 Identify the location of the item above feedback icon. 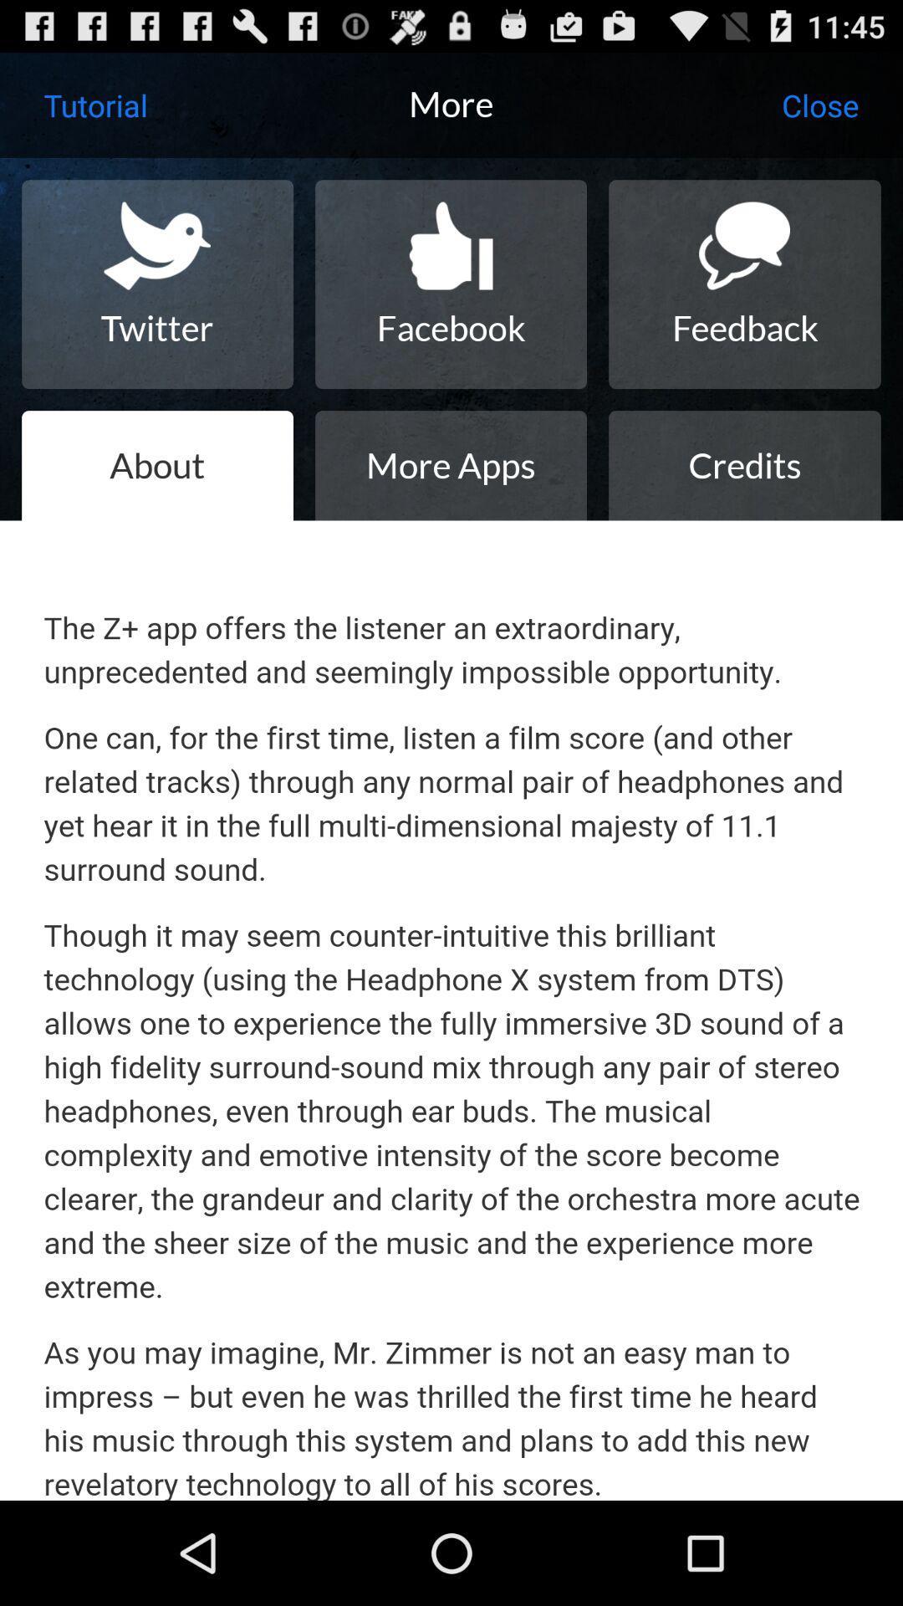
(819, 104).